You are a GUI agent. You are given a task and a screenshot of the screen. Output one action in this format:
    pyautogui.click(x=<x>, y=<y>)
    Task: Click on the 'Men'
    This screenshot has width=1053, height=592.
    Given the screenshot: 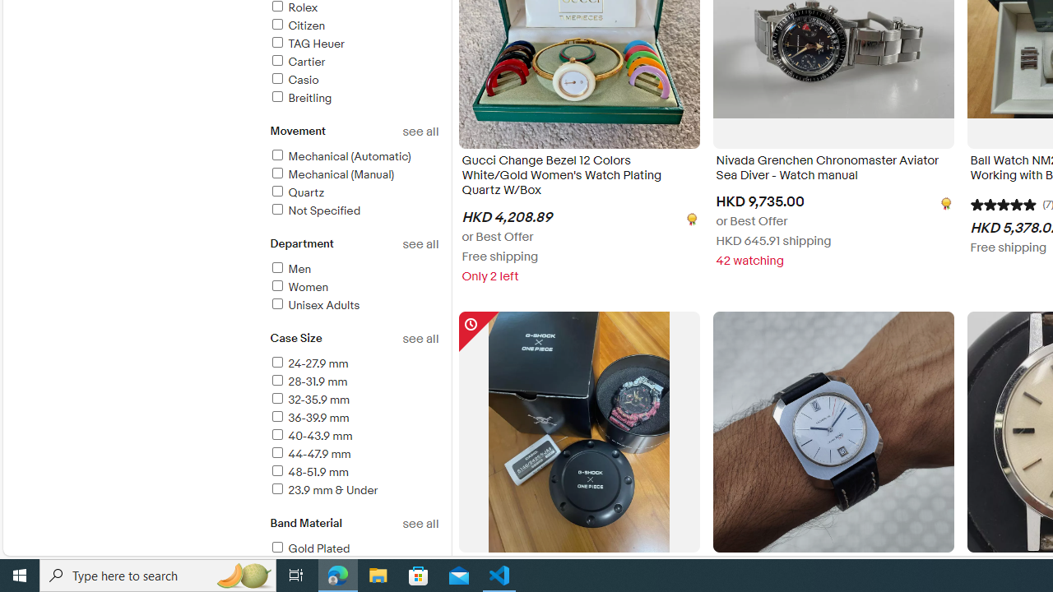 What is the action you would take?
    pyautogui.click(x=353, y=269)
    